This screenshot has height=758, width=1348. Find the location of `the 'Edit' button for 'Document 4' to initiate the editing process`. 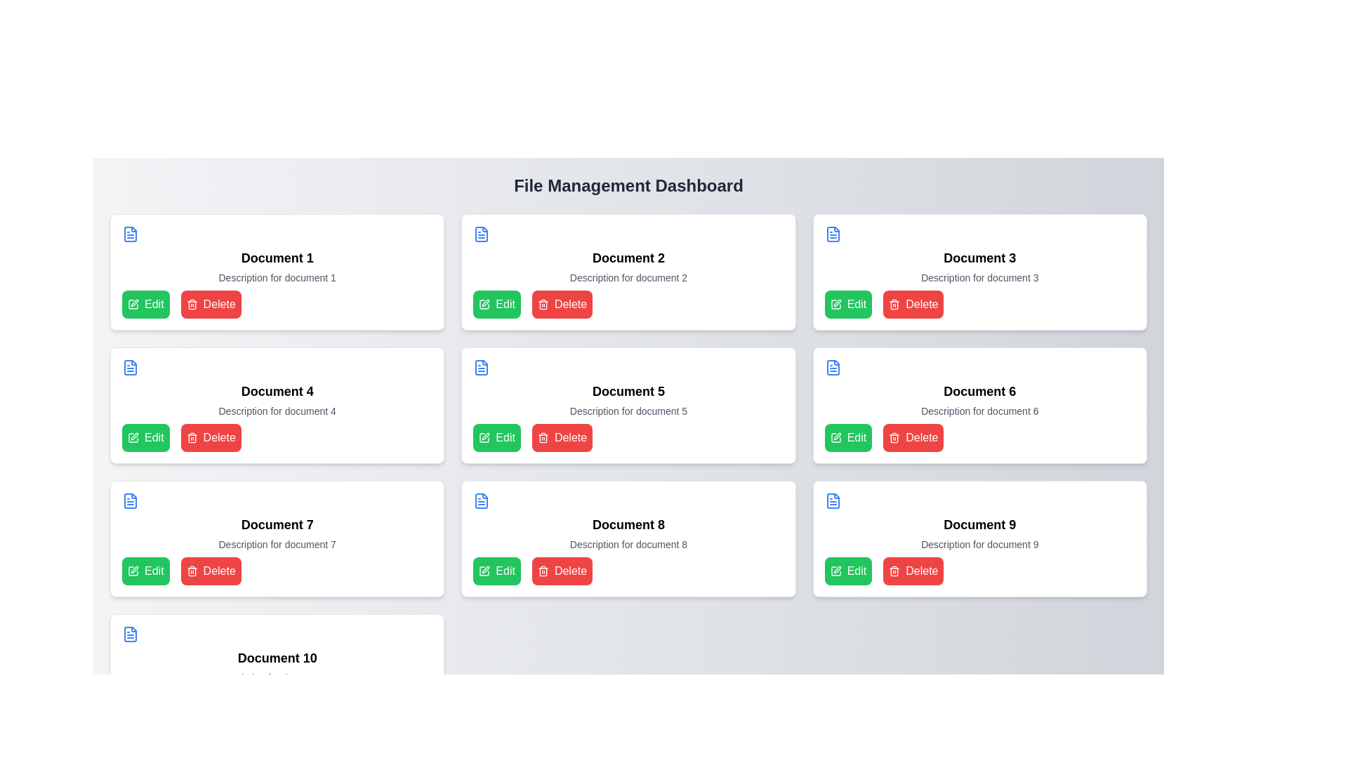

the 'Edit' button for 'Document 4' to initiate the editing process is located at coordinates (133, 437).